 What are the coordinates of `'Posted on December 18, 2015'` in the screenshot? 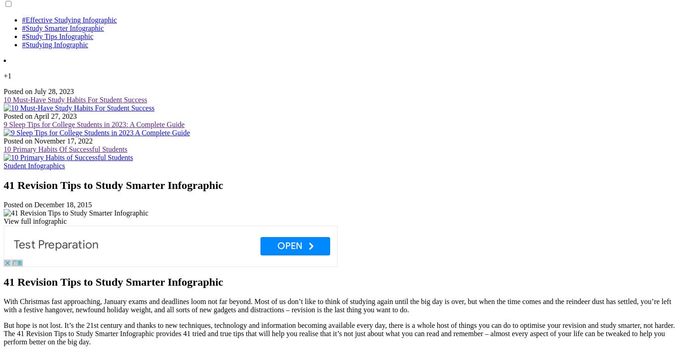 It's located at (47, 204).